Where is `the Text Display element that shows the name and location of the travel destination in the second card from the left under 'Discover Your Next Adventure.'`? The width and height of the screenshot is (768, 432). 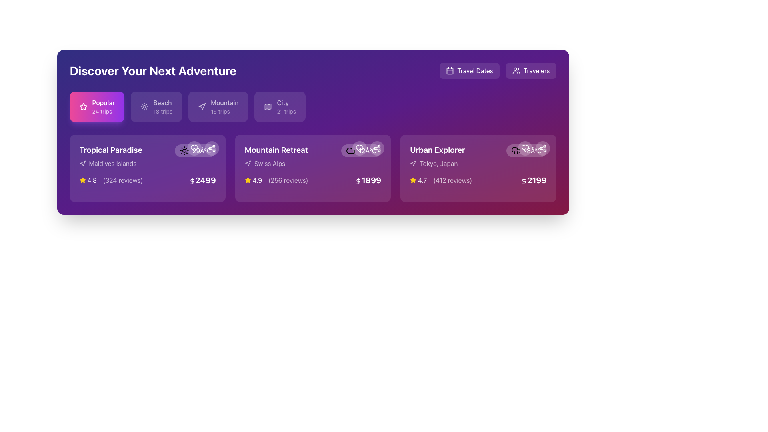 the Text Display element that shows the name and location of the travel destination in the second card from the left under 'Discover Your Next Adventure.' is located at coordinates (276, 156).